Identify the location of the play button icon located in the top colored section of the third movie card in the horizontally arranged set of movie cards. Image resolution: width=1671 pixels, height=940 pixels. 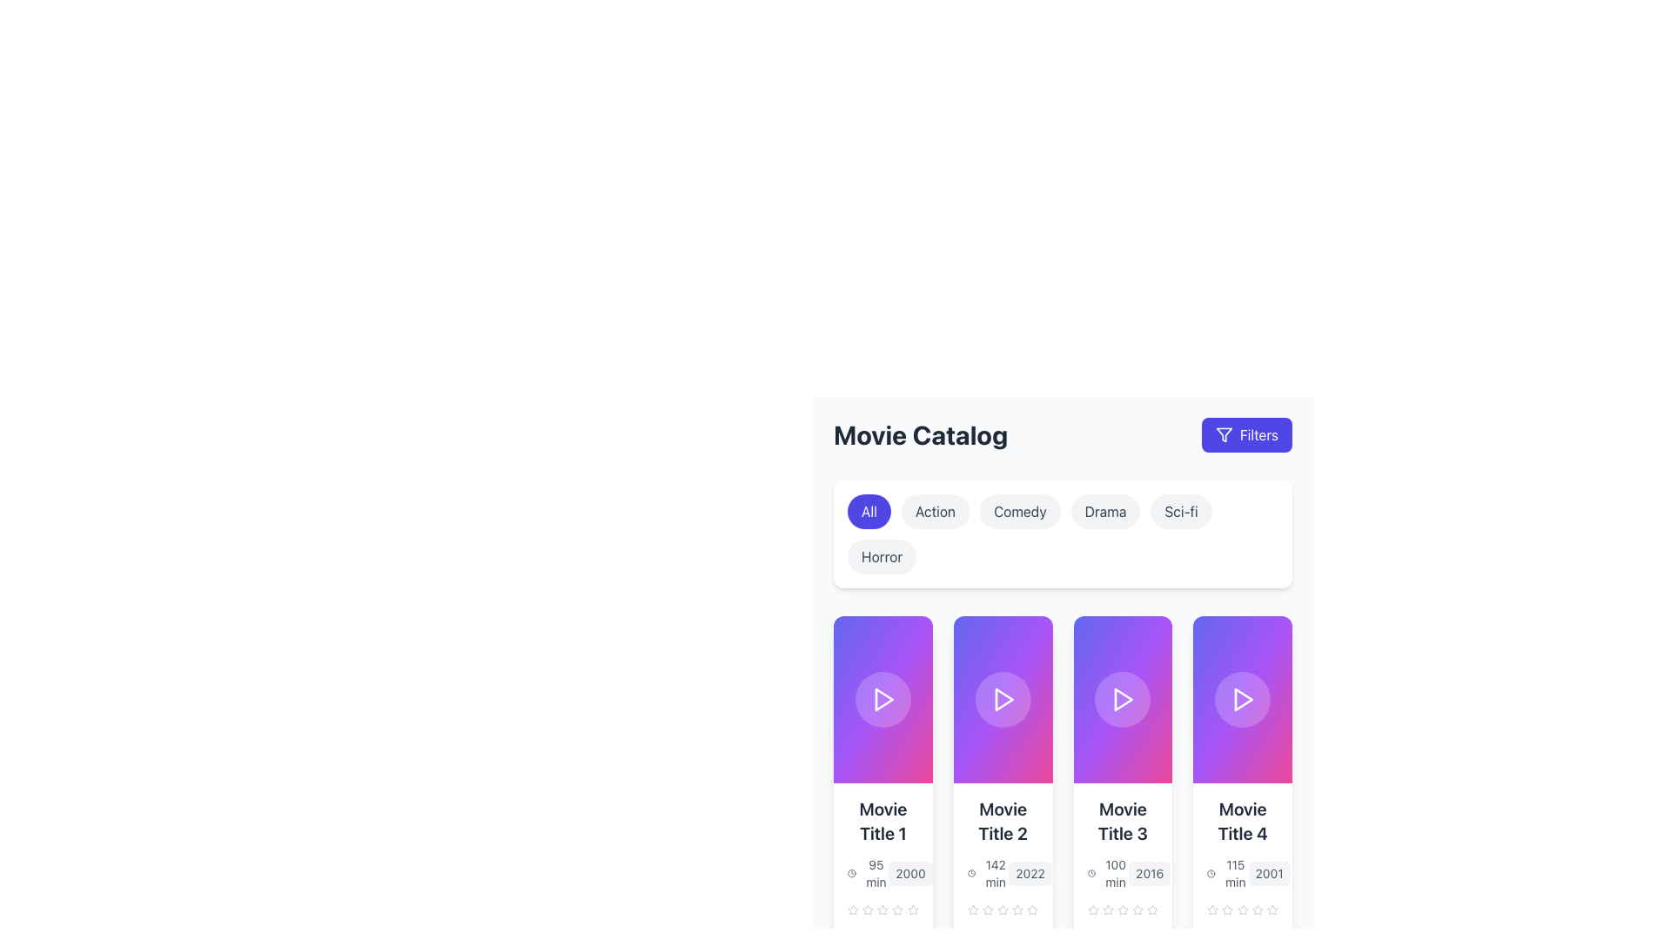
(1123, 698).